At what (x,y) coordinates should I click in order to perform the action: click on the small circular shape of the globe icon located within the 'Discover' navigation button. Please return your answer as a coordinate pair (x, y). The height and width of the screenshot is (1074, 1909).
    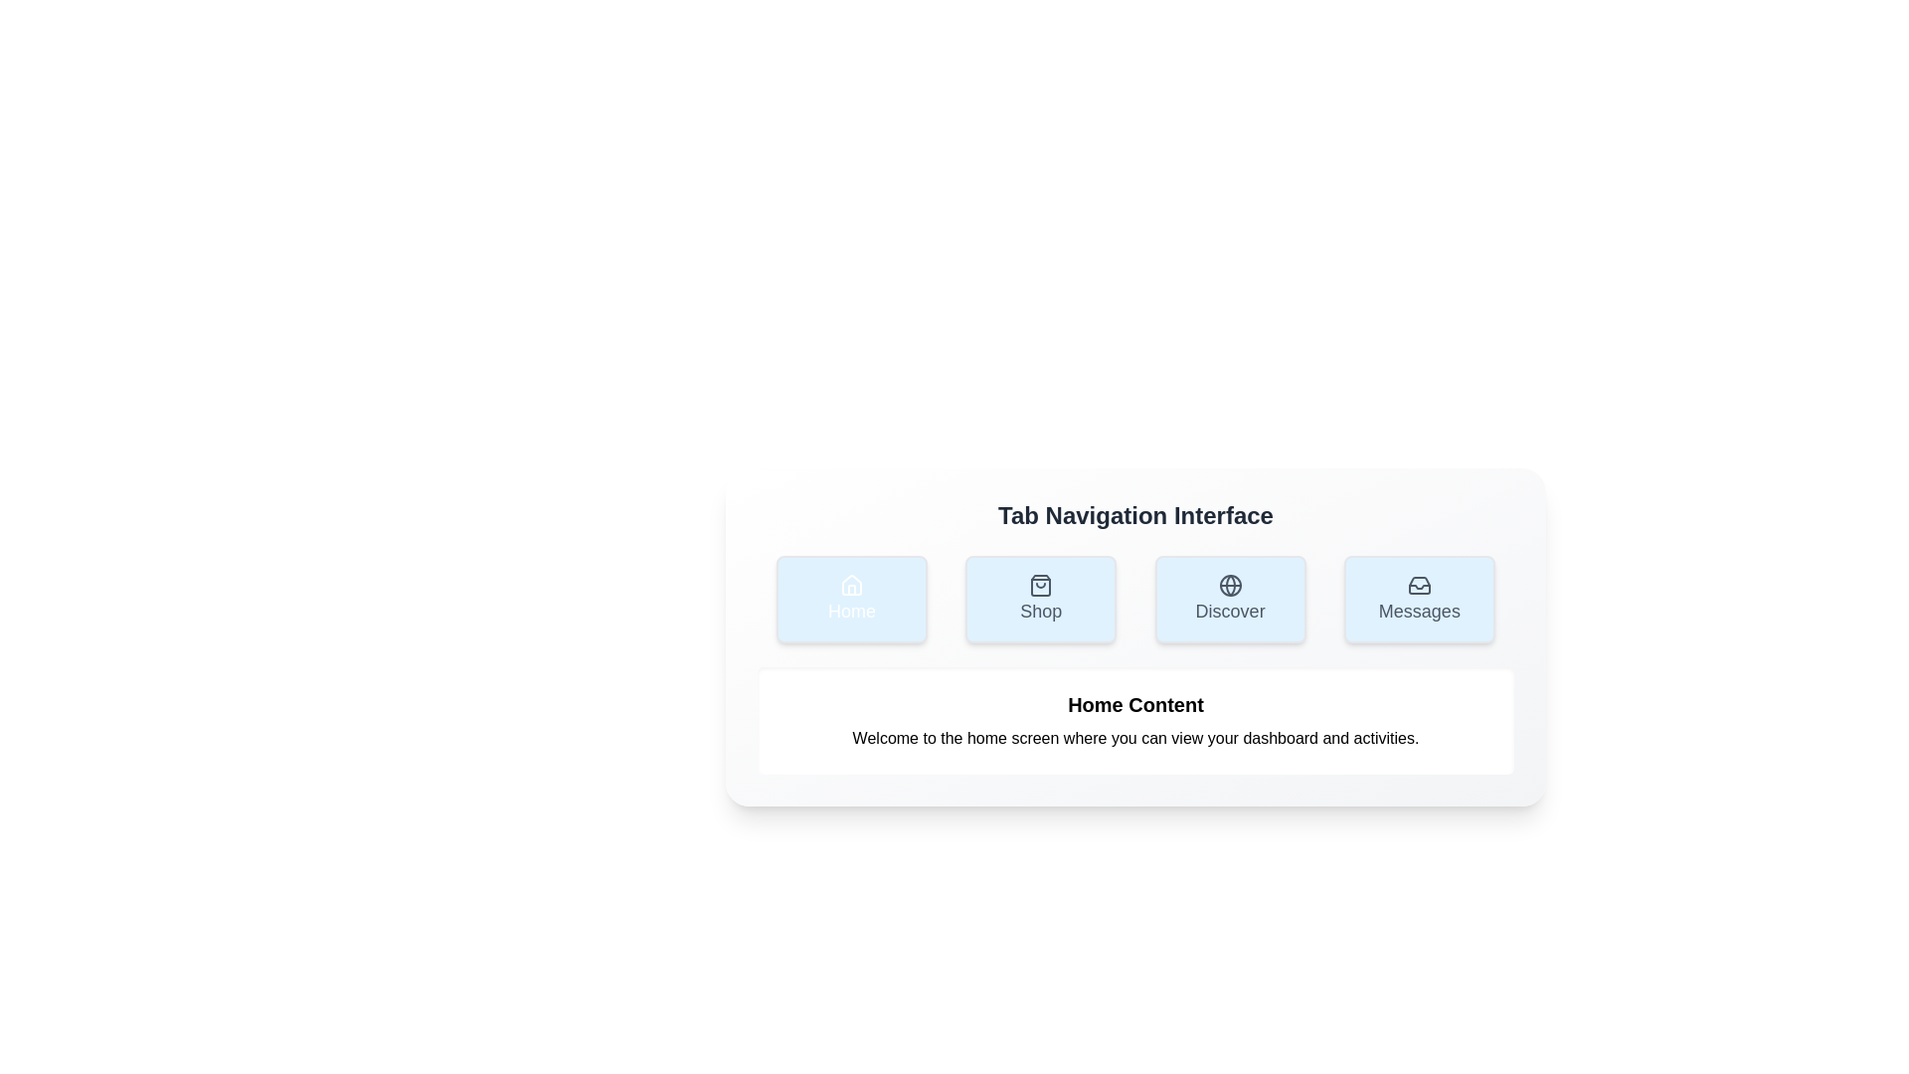
    Looking at the image, I should click on (1229, 585).